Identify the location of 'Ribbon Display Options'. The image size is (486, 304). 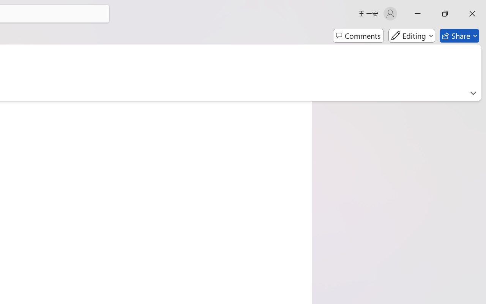
(473, 93).